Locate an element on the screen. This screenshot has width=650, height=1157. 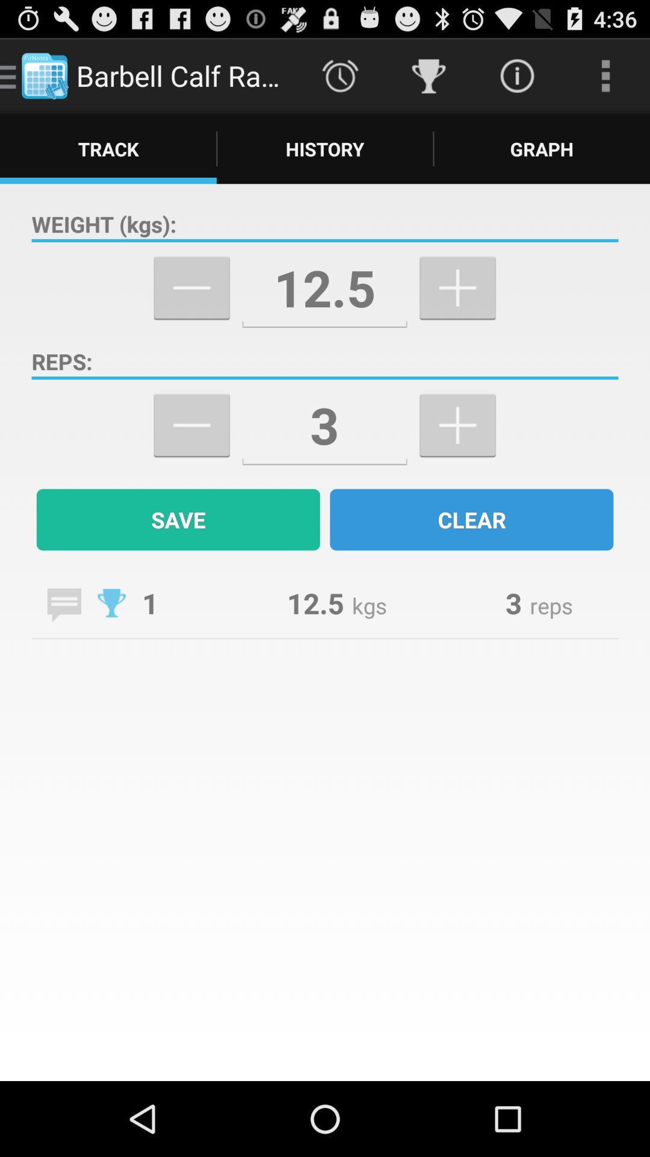
the add icon is located at coordinates (457, 308).